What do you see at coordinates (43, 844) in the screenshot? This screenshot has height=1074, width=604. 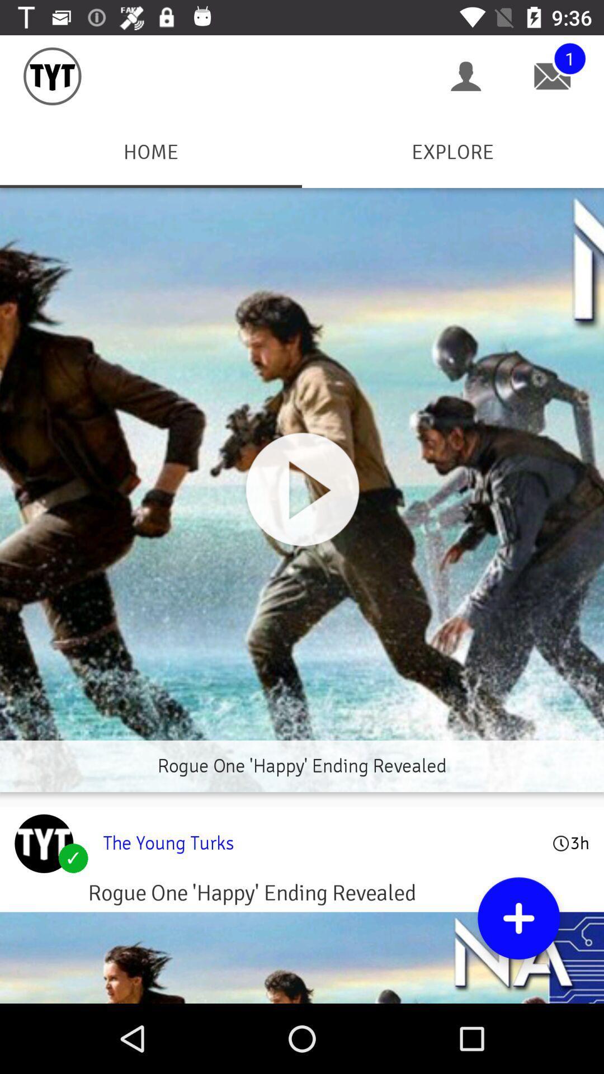 I see `icon to the left of rogue one happy icon` at bounding box center [43, 844].